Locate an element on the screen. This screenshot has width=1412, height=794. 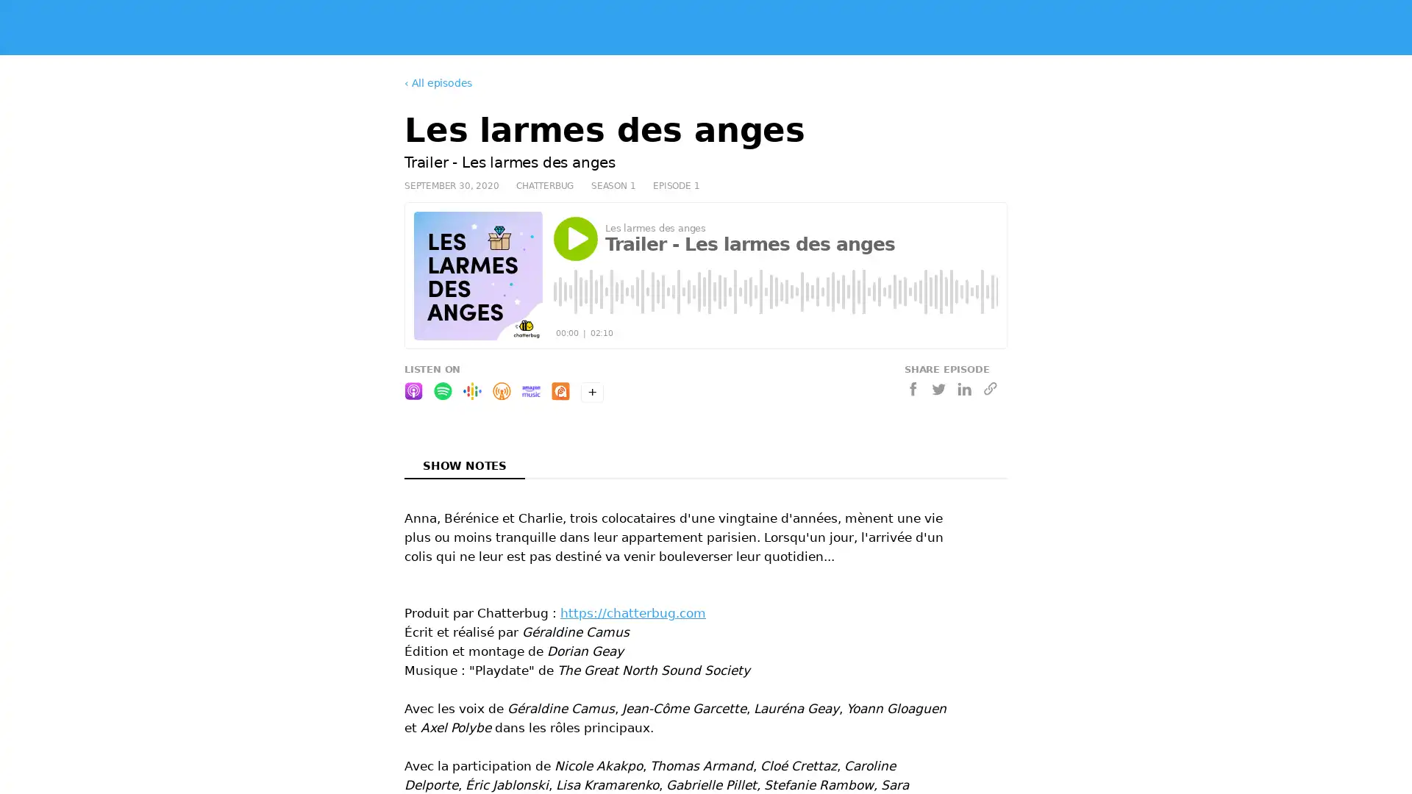
Play is located at coordinates (574, 237).